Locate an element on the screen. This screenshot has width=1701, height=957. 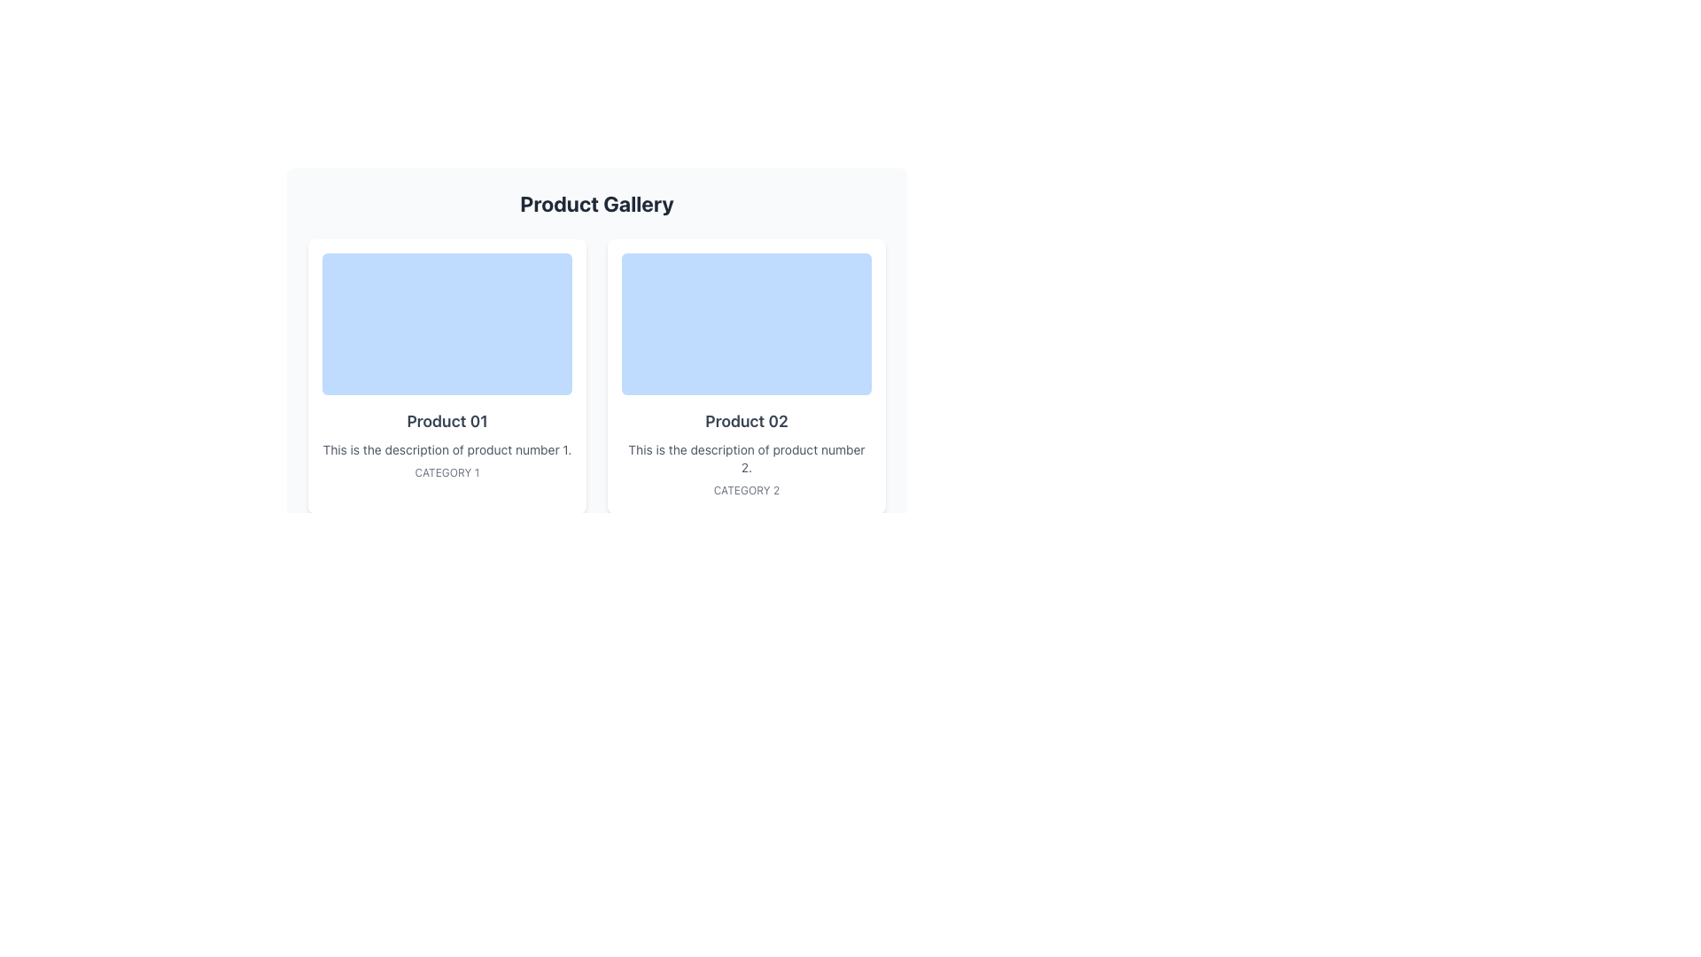
details or metadata of the second product card in the grid layout, which contains the product name, description, and associated category is located at coordinates (747, 375).